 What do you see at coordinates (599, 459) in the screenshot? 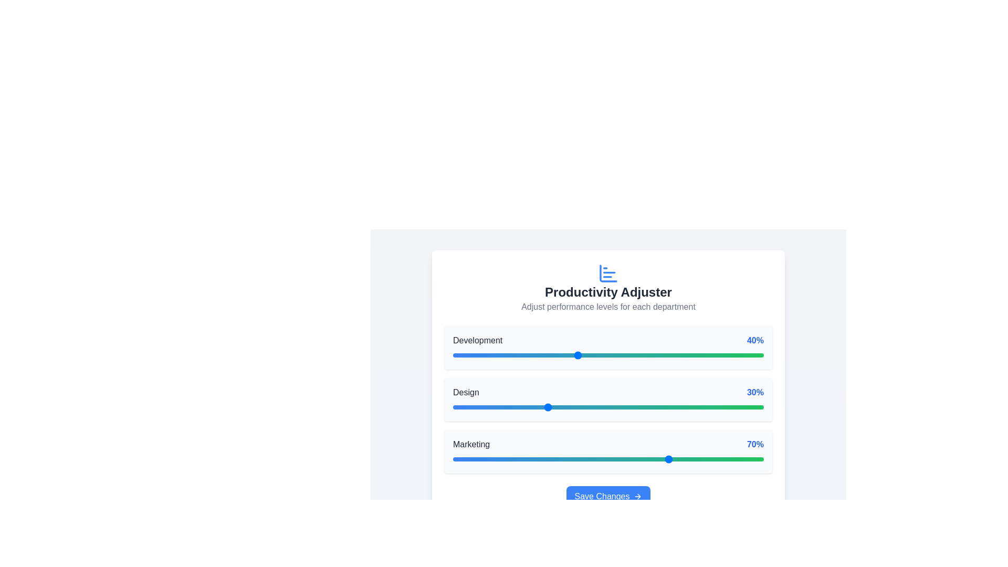
I see `the slider value` at bounding box center [599, 459].